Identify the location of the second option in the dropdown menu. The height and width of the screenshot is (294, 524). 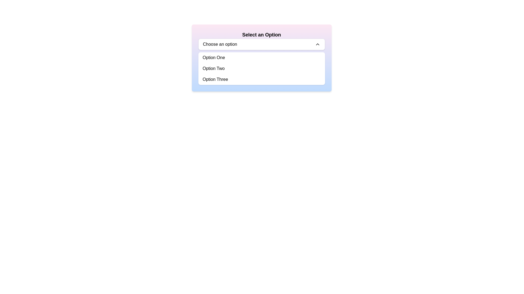
(261, 68).